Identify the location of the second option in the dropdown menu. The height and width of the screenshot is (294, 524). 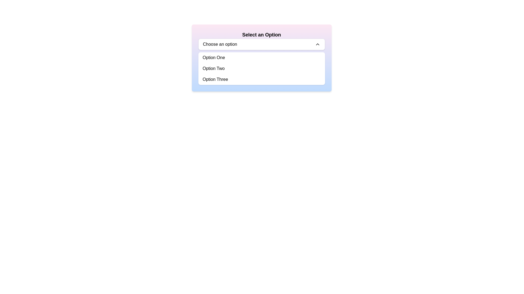
(261, 68).